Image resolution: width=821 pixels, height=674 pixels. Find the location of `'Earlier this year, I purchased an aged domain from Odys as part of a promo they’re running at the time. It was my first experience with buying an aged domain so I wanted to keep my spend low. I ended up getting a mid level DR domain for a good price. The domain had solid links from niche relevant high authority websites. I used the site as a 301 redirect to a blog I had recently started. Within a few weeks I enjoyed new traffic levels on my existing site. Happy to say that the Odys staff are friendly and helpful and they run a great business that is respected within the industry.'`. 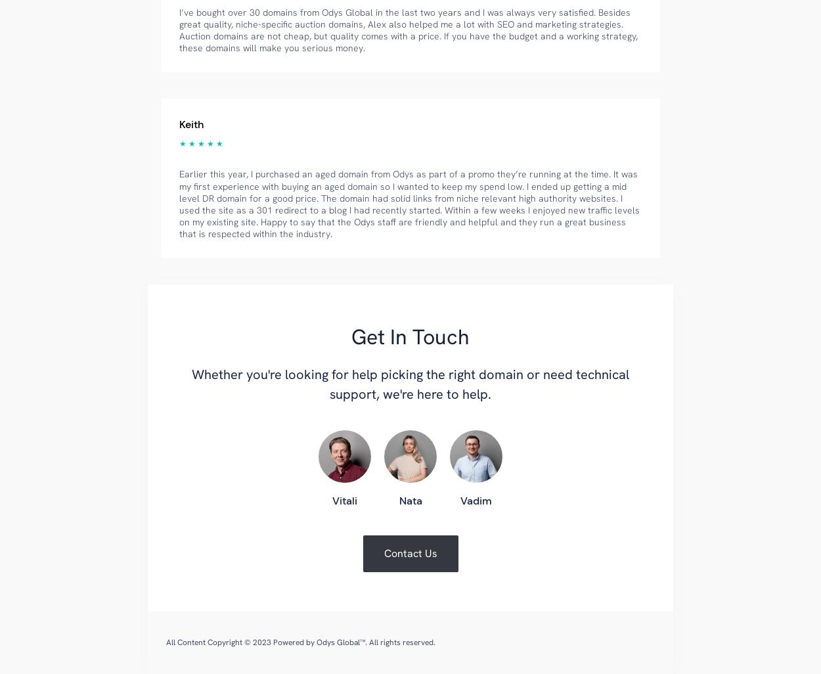

'Earlier this year, I purchased an aged domain from Odys as part of a promo they’re running at the time. It was my first experience with buying an aged domain so I wanted to keep my spend low. I ended up getting a mid level DR domain for a good price. The domain had solid links from niche relevant high authority websites. I used the site as a 301 redirect to a blog I had recently started. Within a few weeks I enjoyed new traffic levels on my existing site. Happy to say that the Odys staff are friendly and helpful and they run a great business that is respected within the industry.' is located at coordinates (409, 204).